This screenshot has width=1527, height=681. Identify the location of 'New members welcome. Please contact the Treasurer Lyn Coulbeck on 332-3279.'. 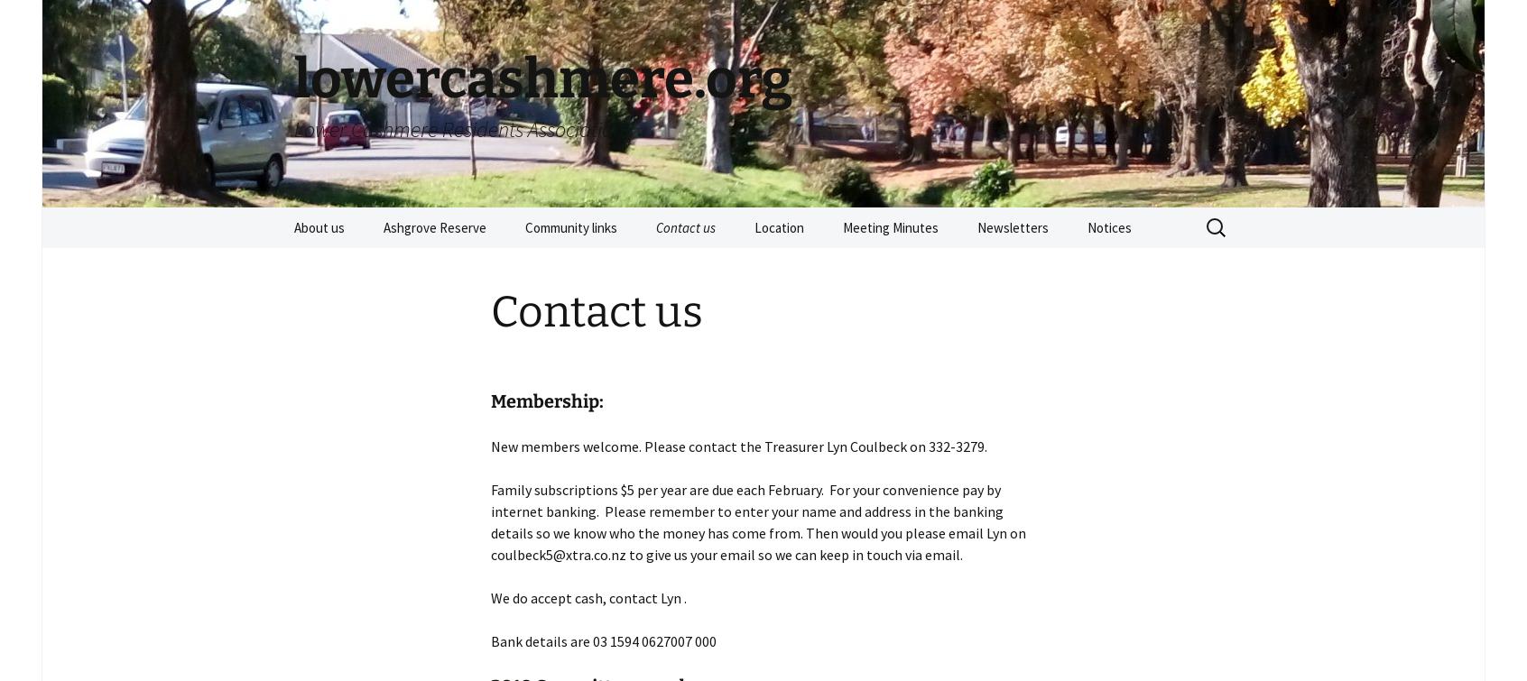
(738, 445).